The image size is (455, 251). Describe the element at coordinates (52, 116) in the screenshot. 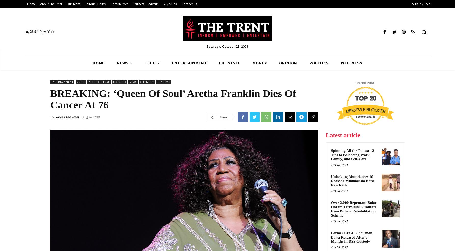

I see `'By'` at that location.